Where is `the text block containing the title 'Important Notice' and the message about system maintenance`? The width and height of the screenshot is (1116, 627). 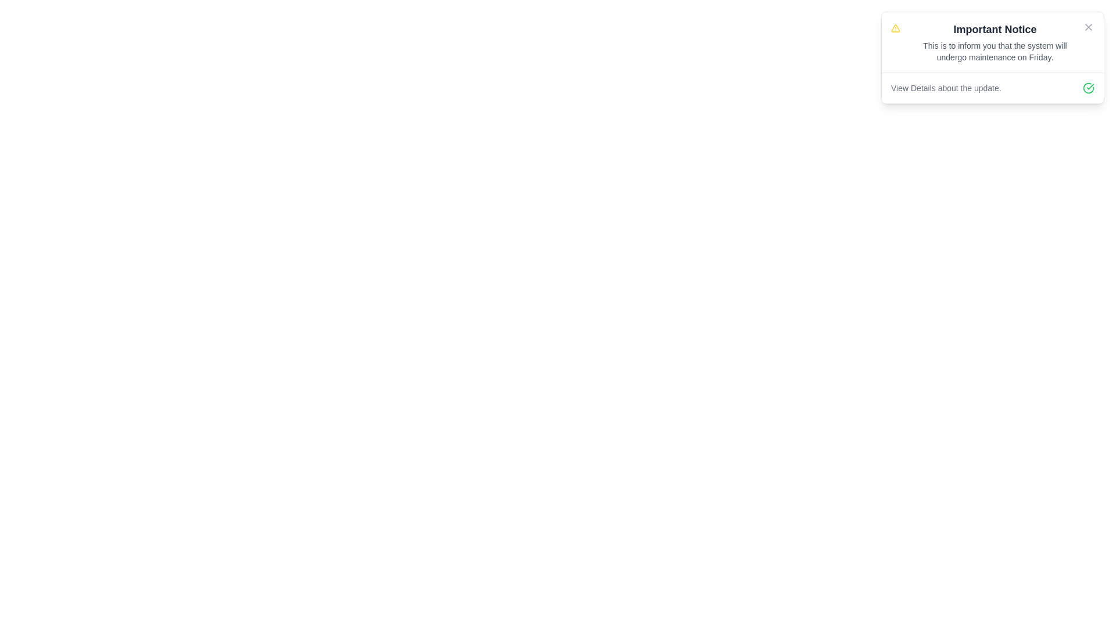
the text block containing the title 'Important Notice' and the message about system maintenance is located at coordinates (995, 42).